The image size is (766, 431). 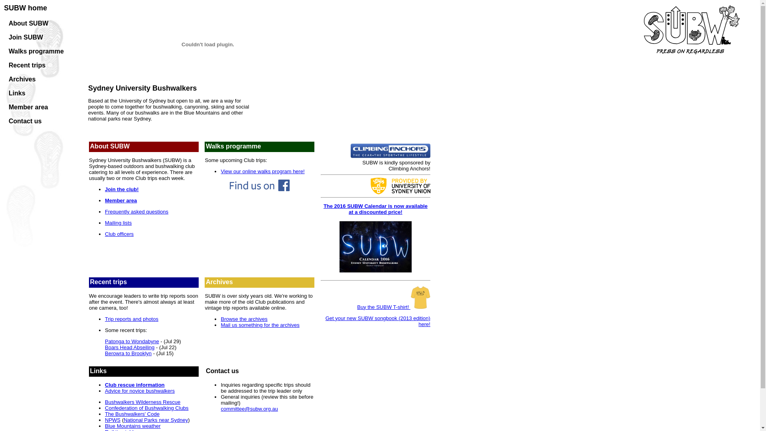 What do you see at coordinates (243, 318) in the screenshot?
I see `'Browse the archives'` at bounding box center [243, 318].